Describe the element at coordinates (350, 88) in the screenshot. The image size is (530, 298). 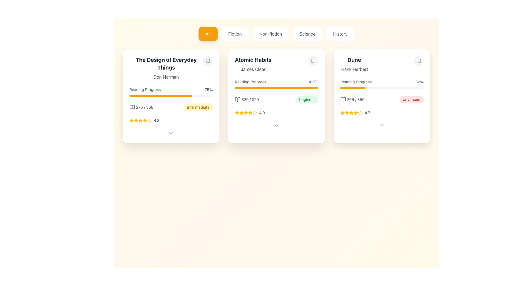
I see `the reading progress` at that location.